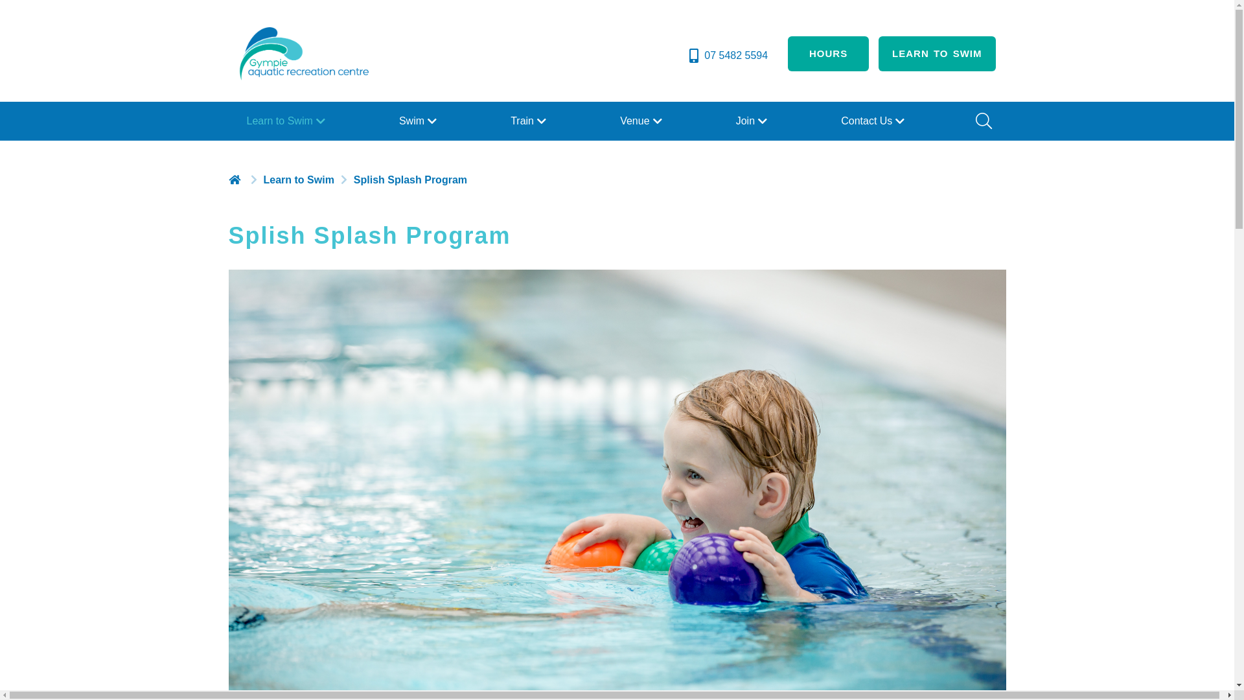  I want to click on '07 5482 5594', so click(727, 54).